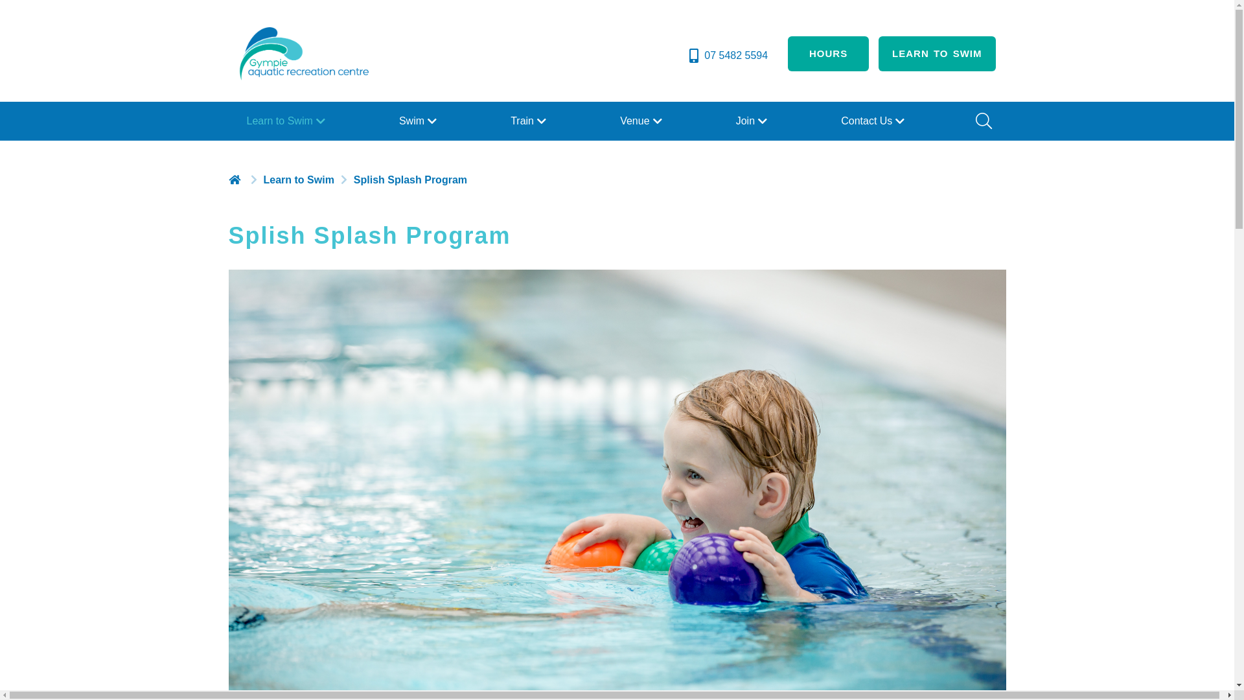  I want to click on '07 5482 5594', so click(727, 54).